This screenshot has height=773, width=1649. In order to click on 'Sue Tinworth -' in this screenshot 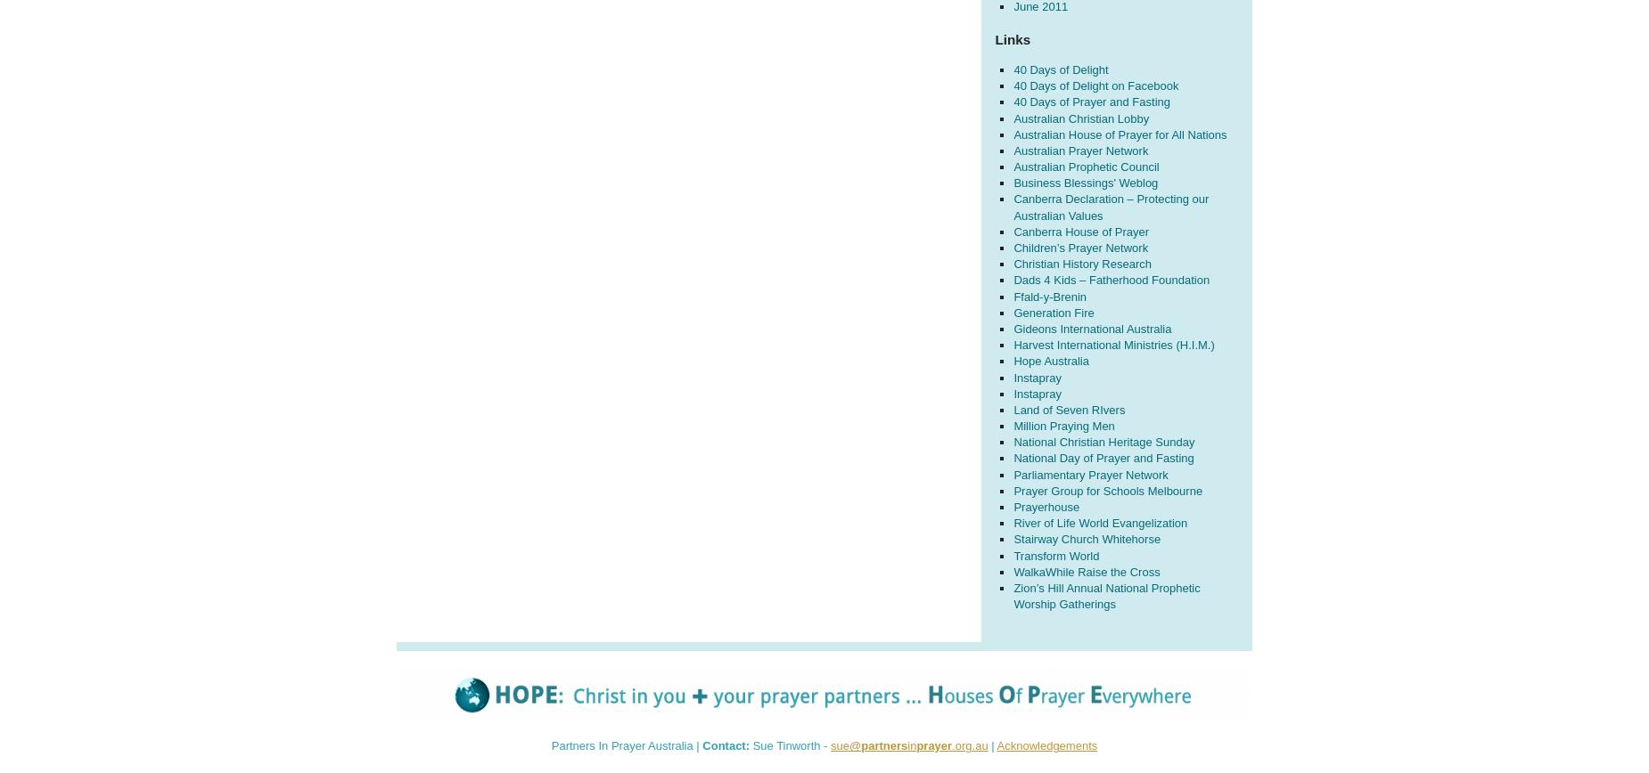, I will do `click(790, 745)`.